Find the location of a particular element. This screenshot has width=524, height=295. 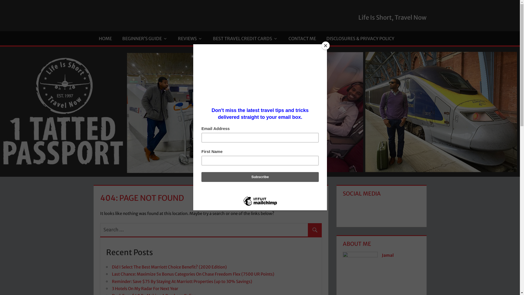

'REVIEWS' is located at coordinates (190, 38).